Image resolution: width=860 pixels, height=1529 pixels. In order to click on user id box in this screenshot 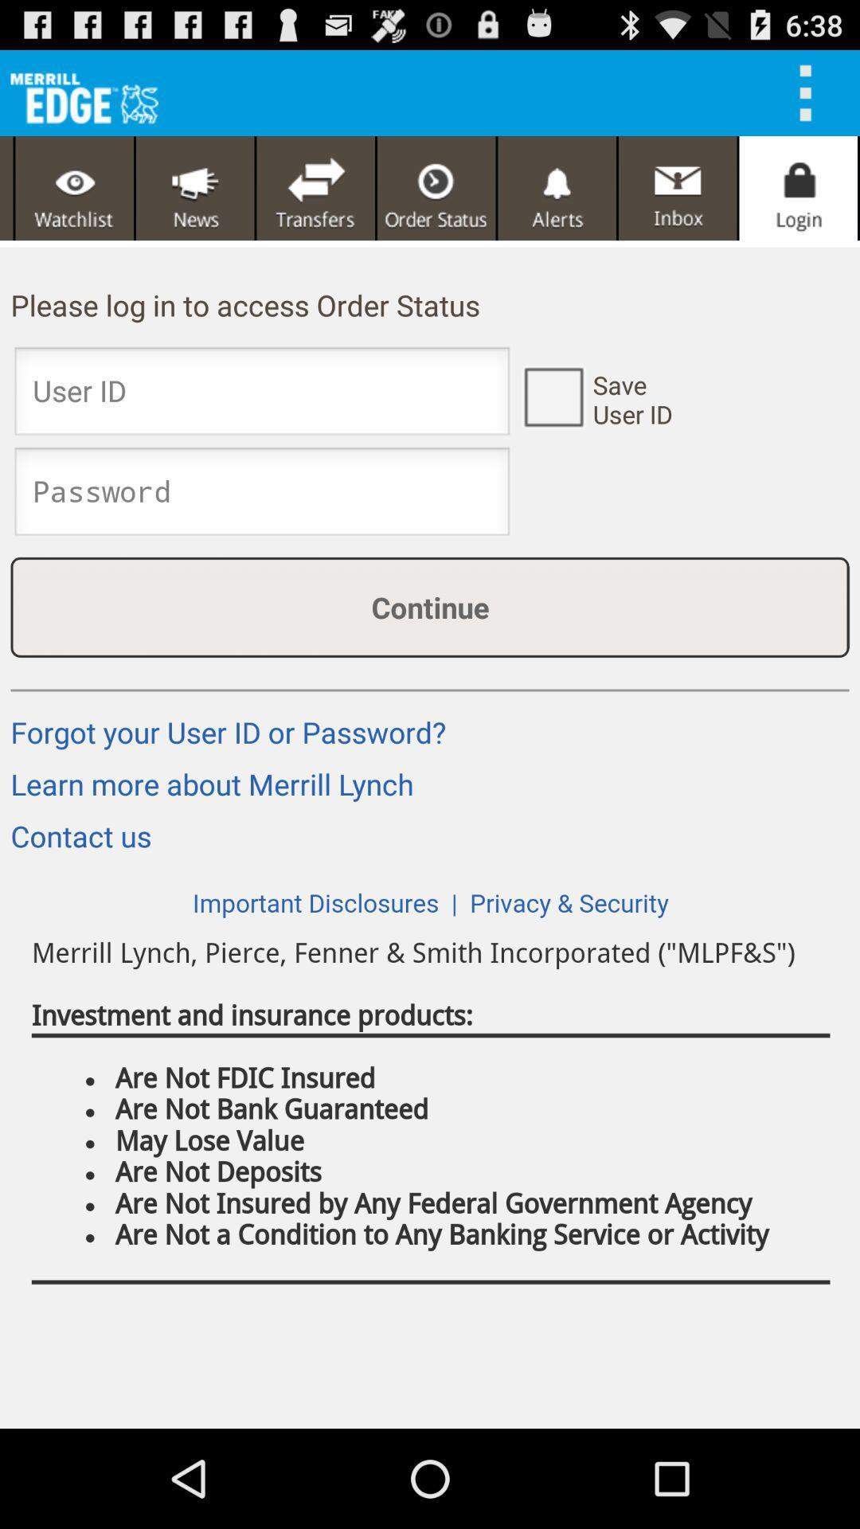, I will do `click(261, 396)`.